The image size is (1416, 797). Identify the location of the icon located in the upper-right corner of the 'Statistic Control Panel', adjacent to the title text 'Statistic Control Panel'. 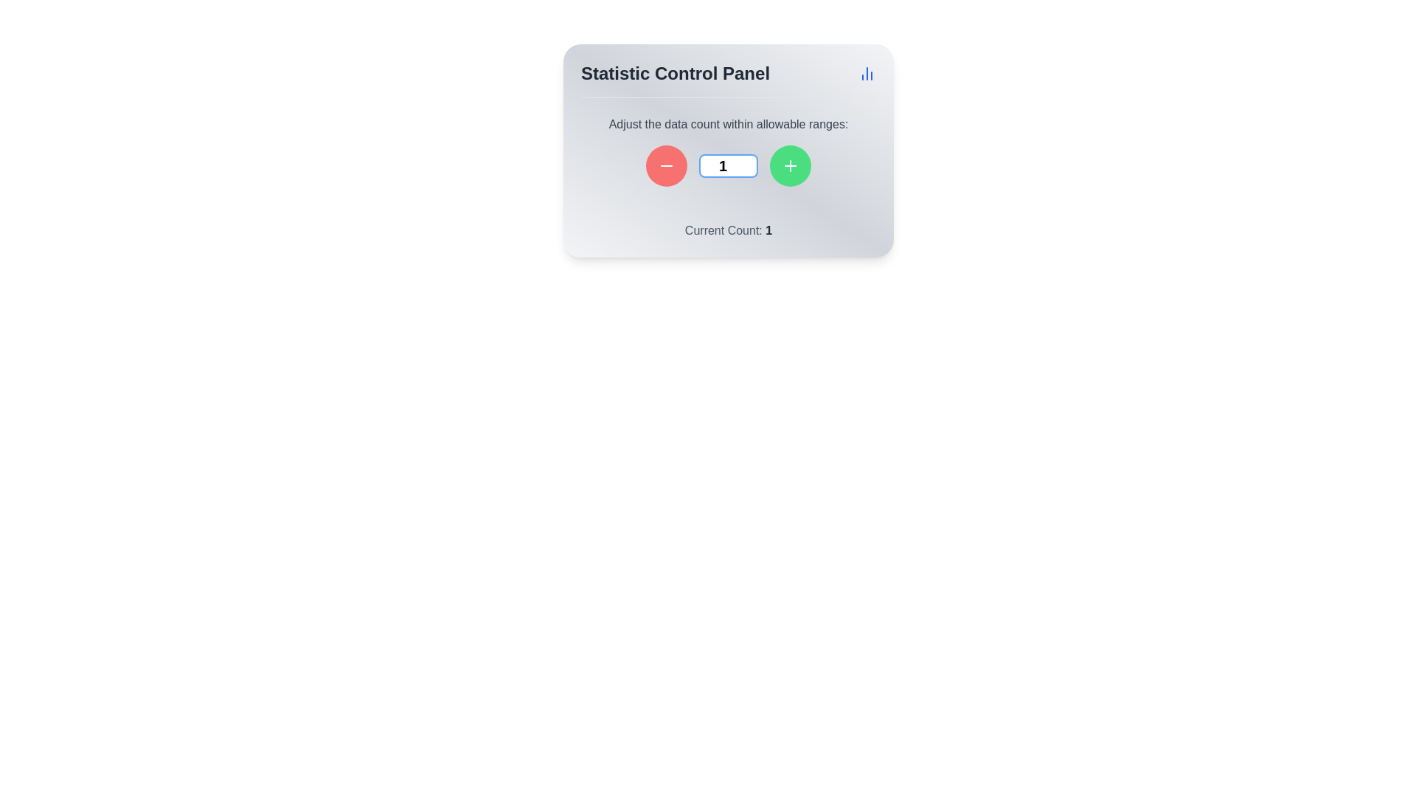
(867, 74).